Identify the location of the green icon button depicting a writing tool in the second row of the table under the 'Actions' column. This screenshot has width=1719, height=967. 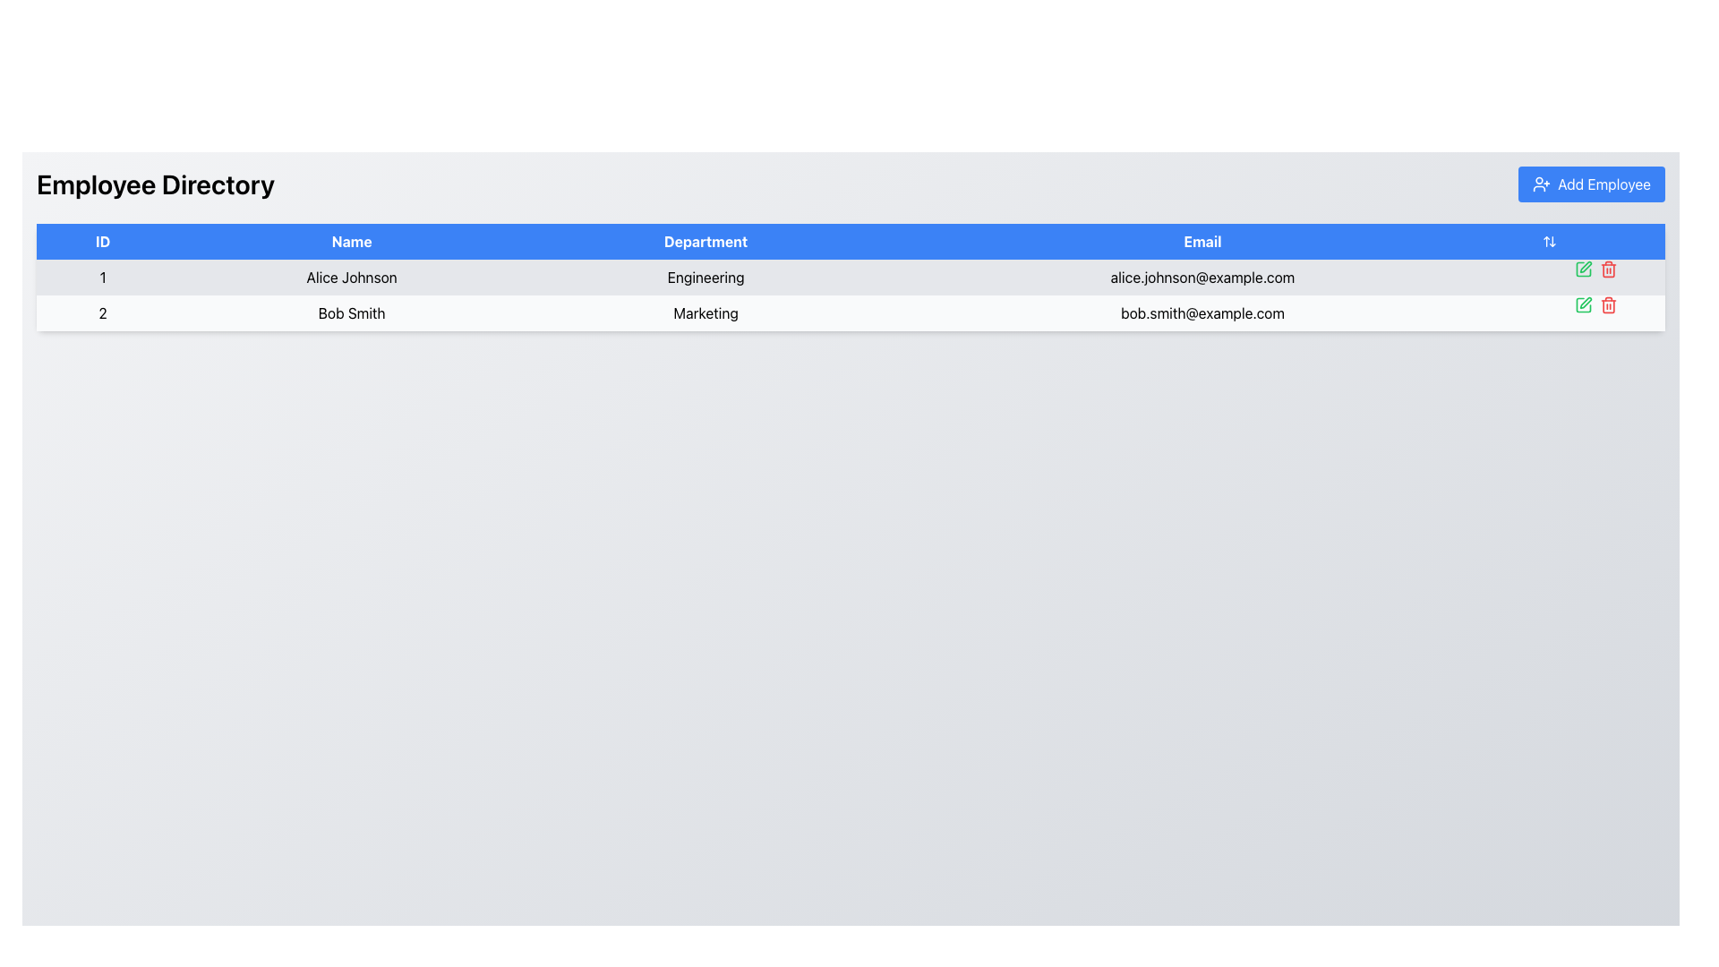
(1586, 302).